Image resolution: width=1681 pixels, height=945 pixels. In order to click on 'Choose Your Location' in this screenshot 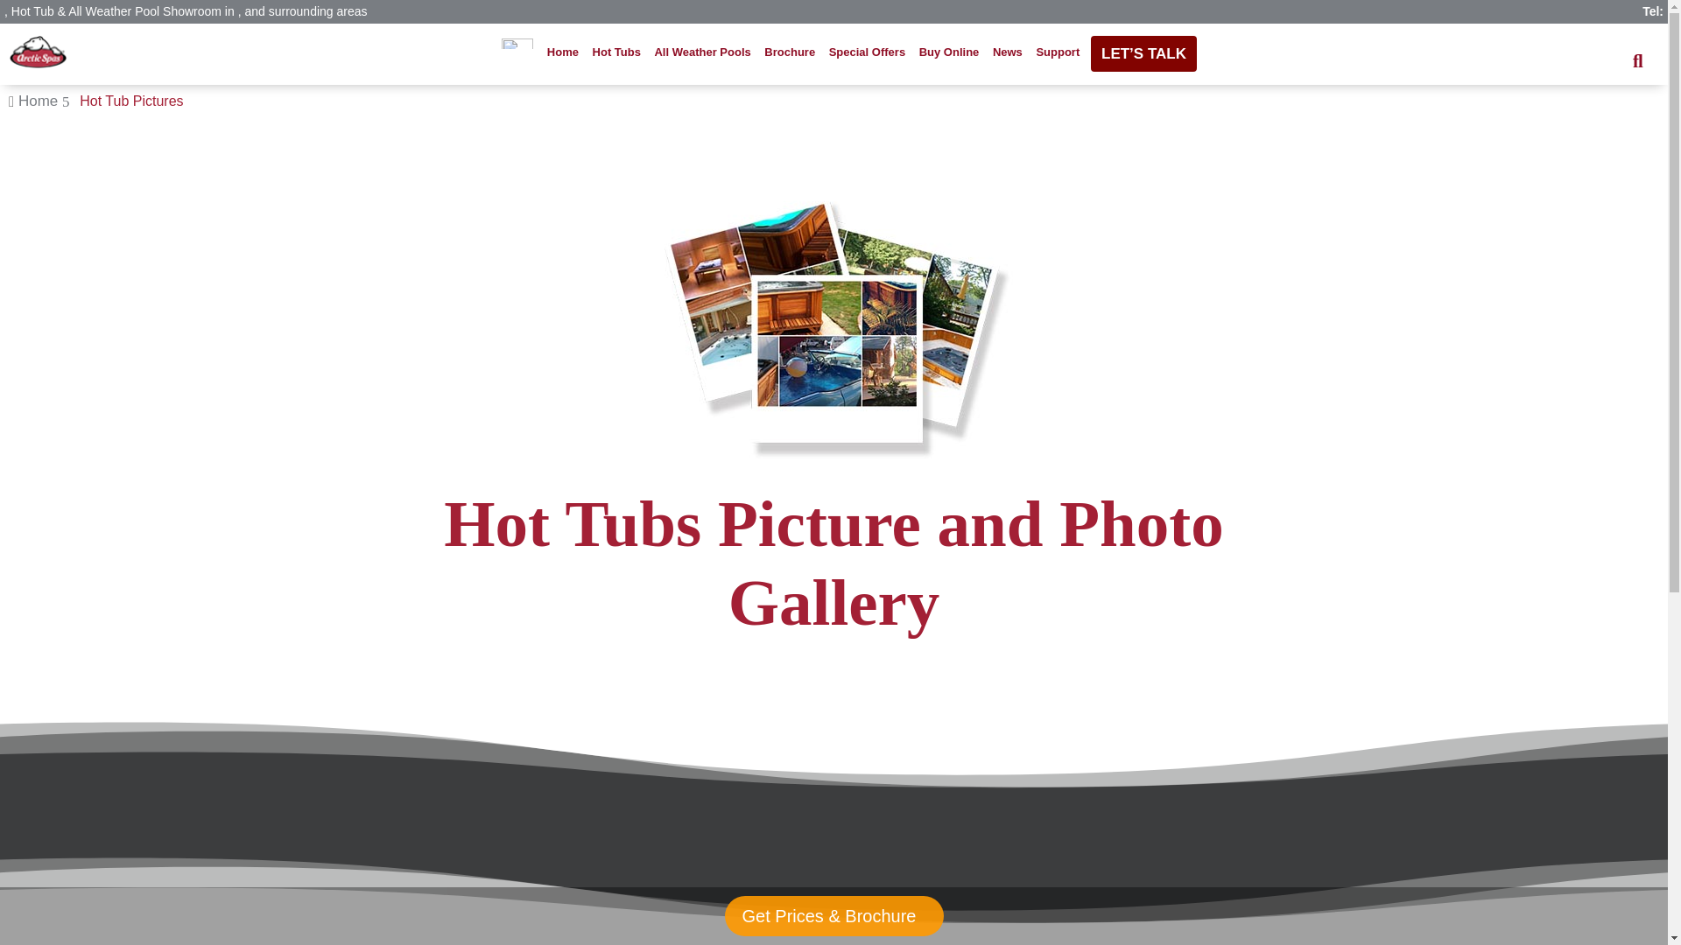, I will do `click(500, 39)`.